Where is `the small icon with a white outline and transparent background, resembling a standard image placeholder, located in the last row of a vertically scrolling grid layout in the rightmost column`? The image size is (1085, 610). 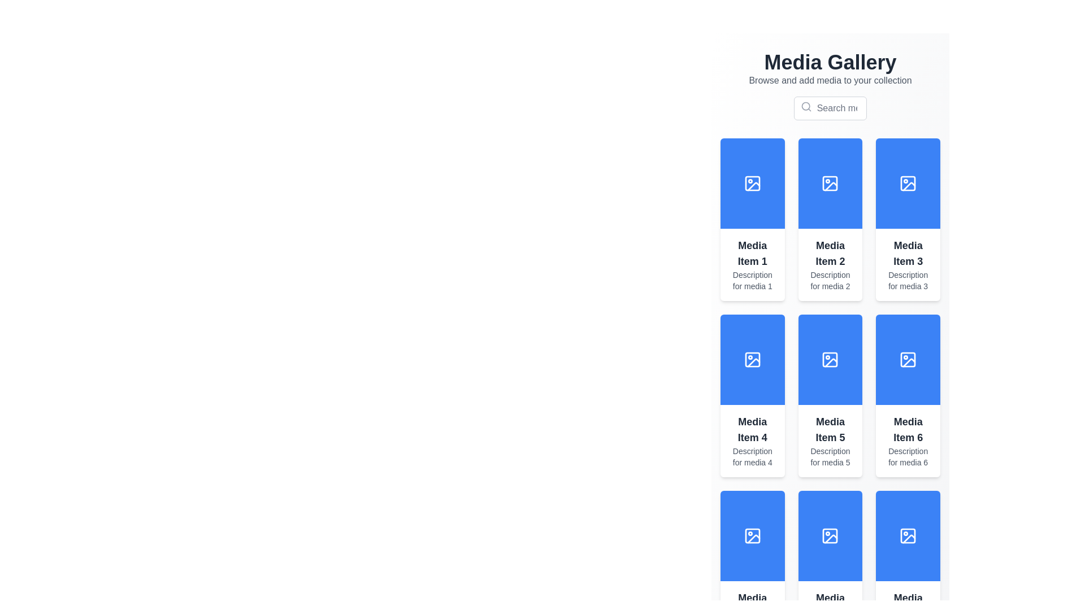
the small icon with a white outline and transparent background, resembling a standard image placeholder, located in the last row of a vertically scrolling grid layout in the rightmost column is located at coordinates (908, 535).